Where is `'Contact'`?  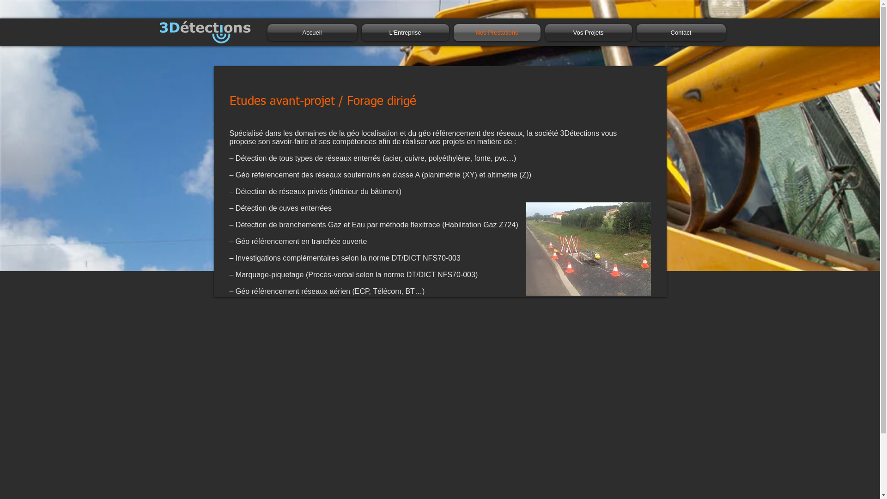 'Contact' is located at coordinates (679, 32).